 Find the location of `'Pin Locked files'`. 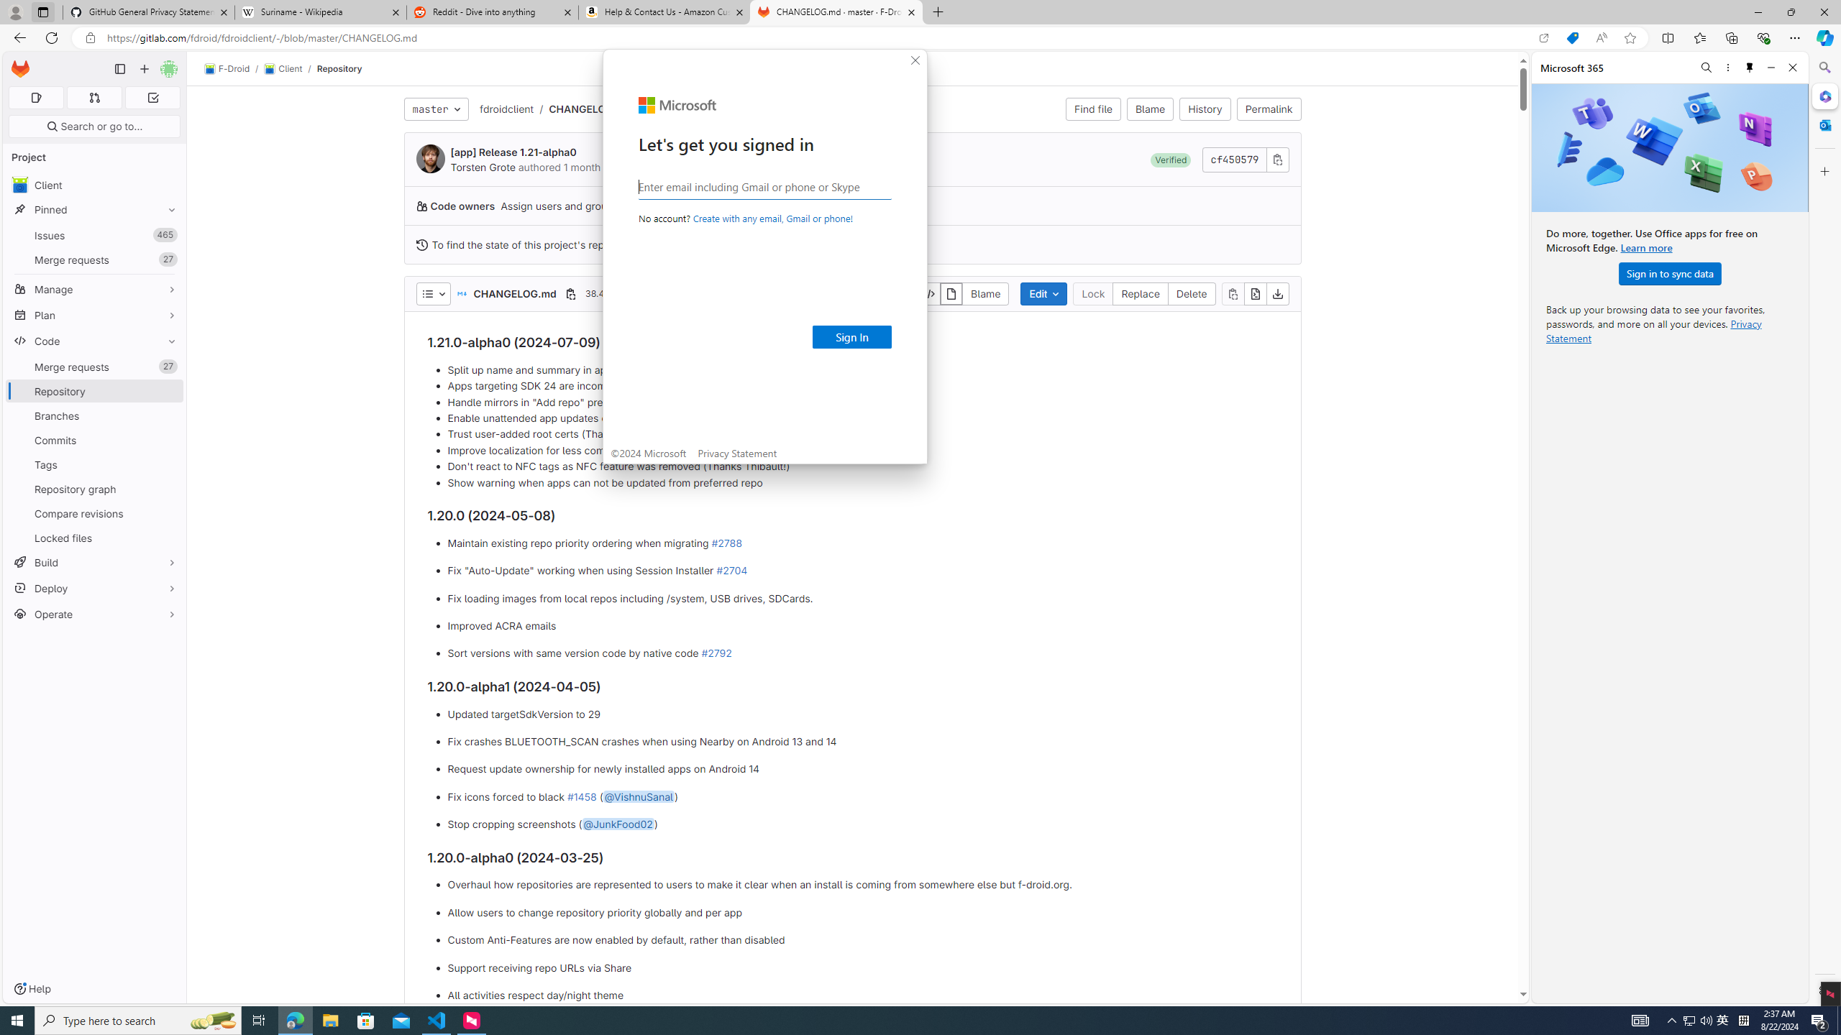

'Pin Locked files' is located at coordinates (168, 537).